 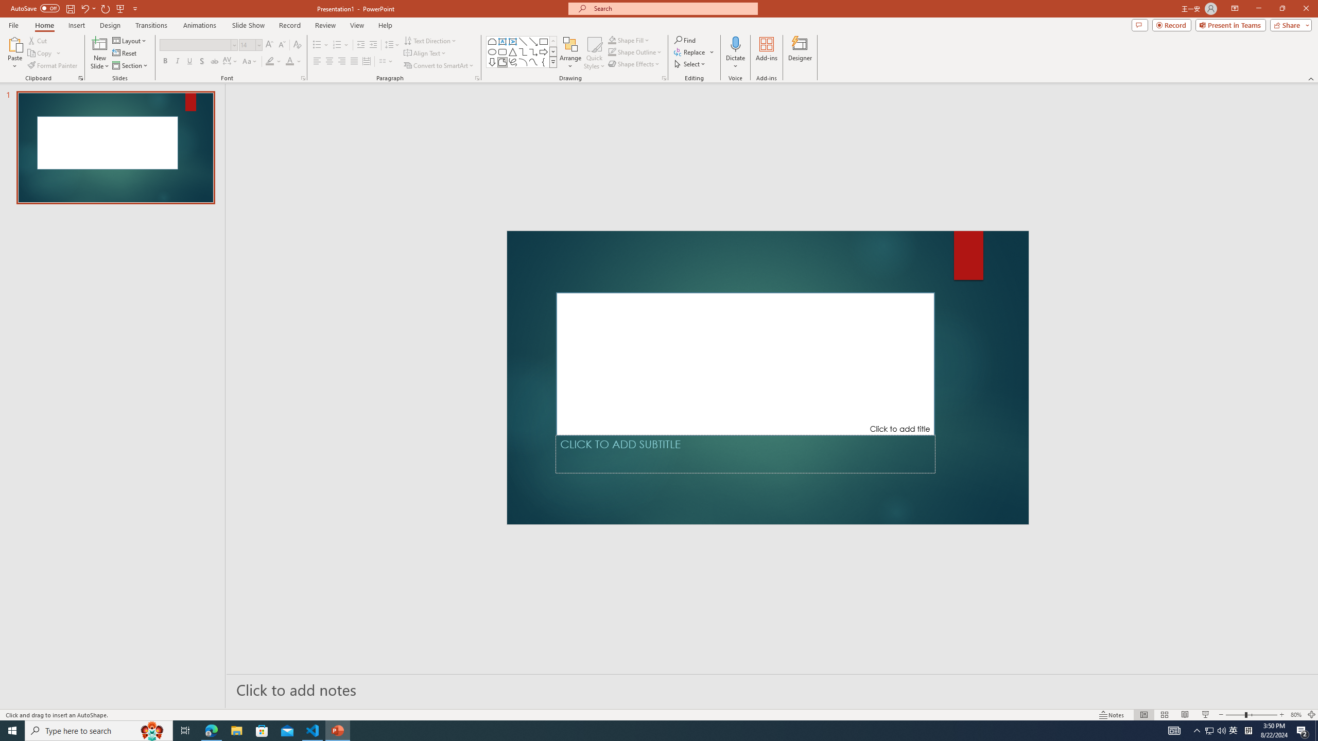 What do you see at coordinates (329, 61) in the screenshot?
I see `'Center'` at bounding box center [329, 61].